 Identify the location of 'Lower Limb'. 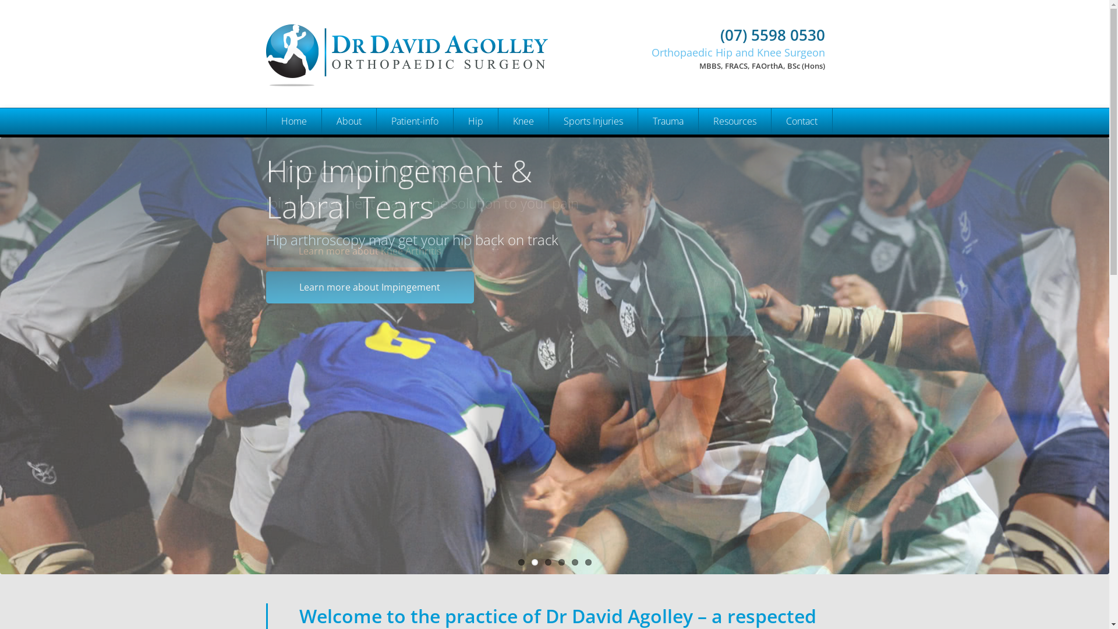
(667, 174).